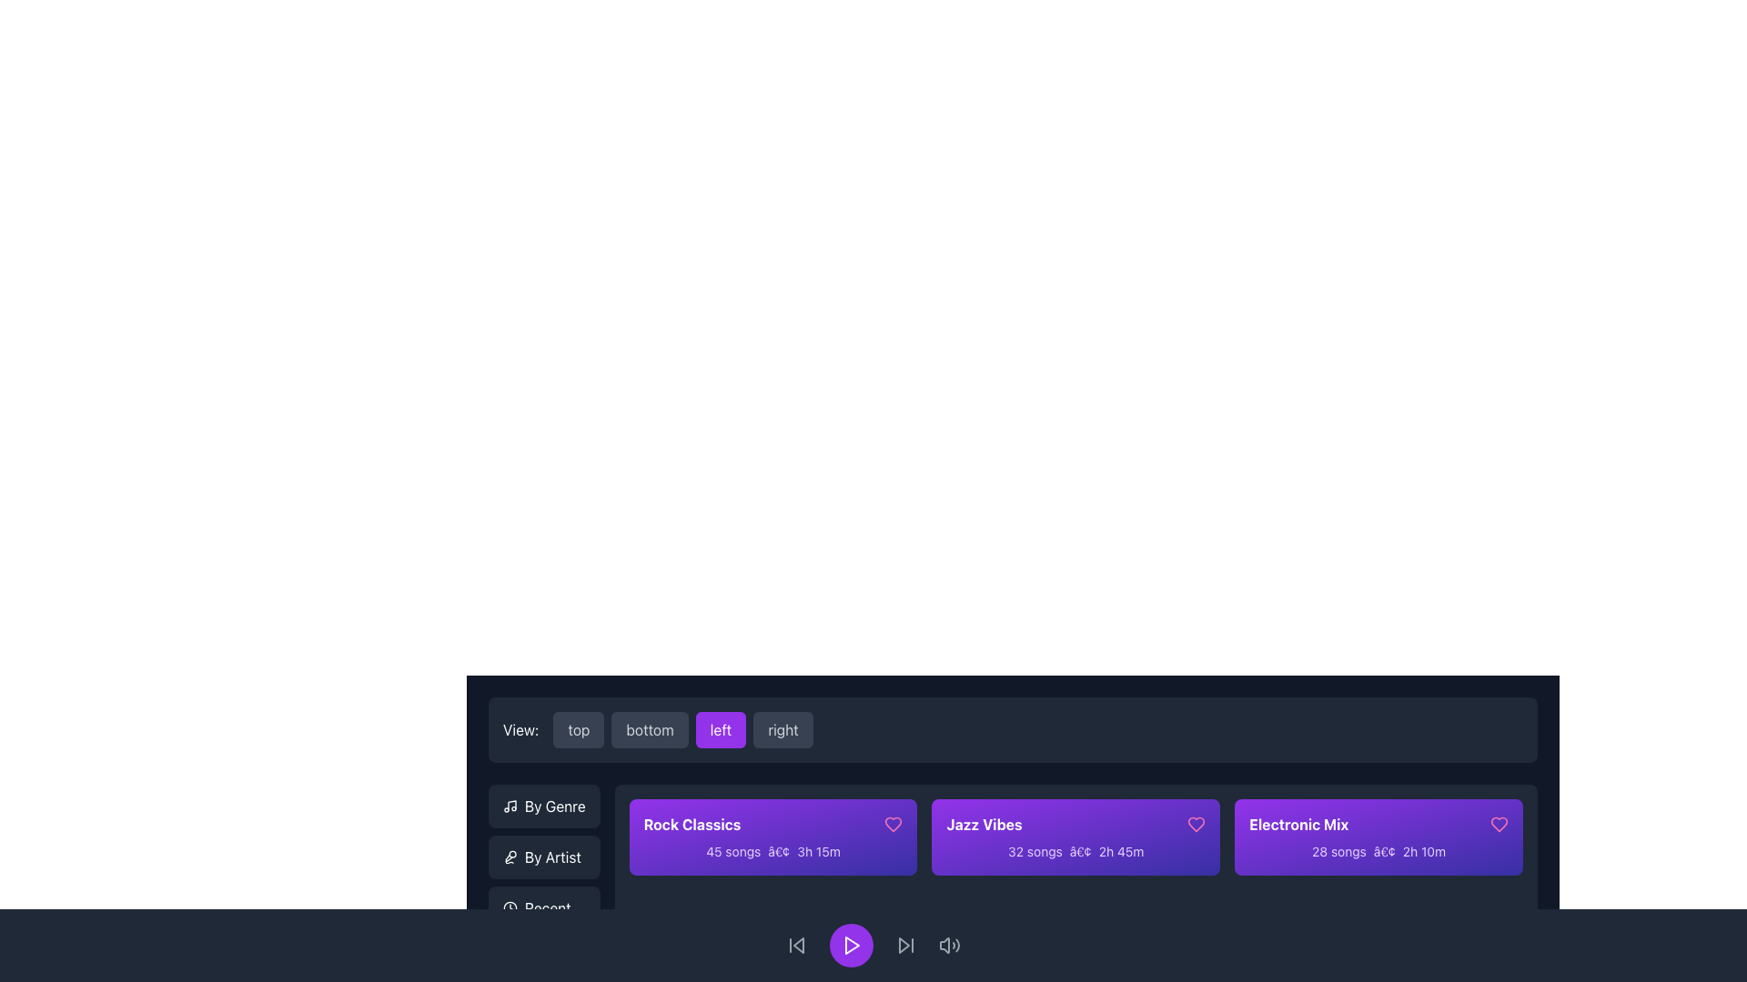  I want to click on the sound volume icon, which is a gray speaker with sound waves, located at the bottom center of the interface, to the right of the skip forward button, so click(948, 945).